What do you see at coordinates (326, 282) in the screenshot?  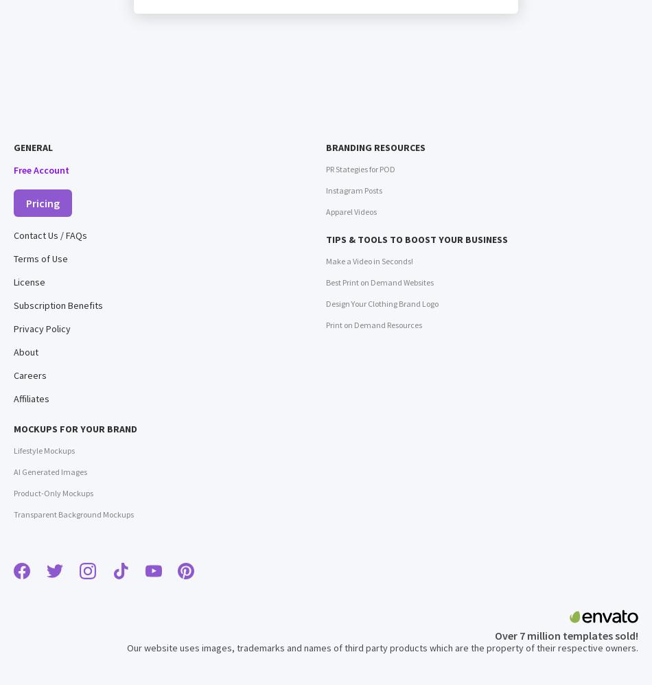 I see `'Best Print on Demand Websites'` at bounding box center [326, 282].